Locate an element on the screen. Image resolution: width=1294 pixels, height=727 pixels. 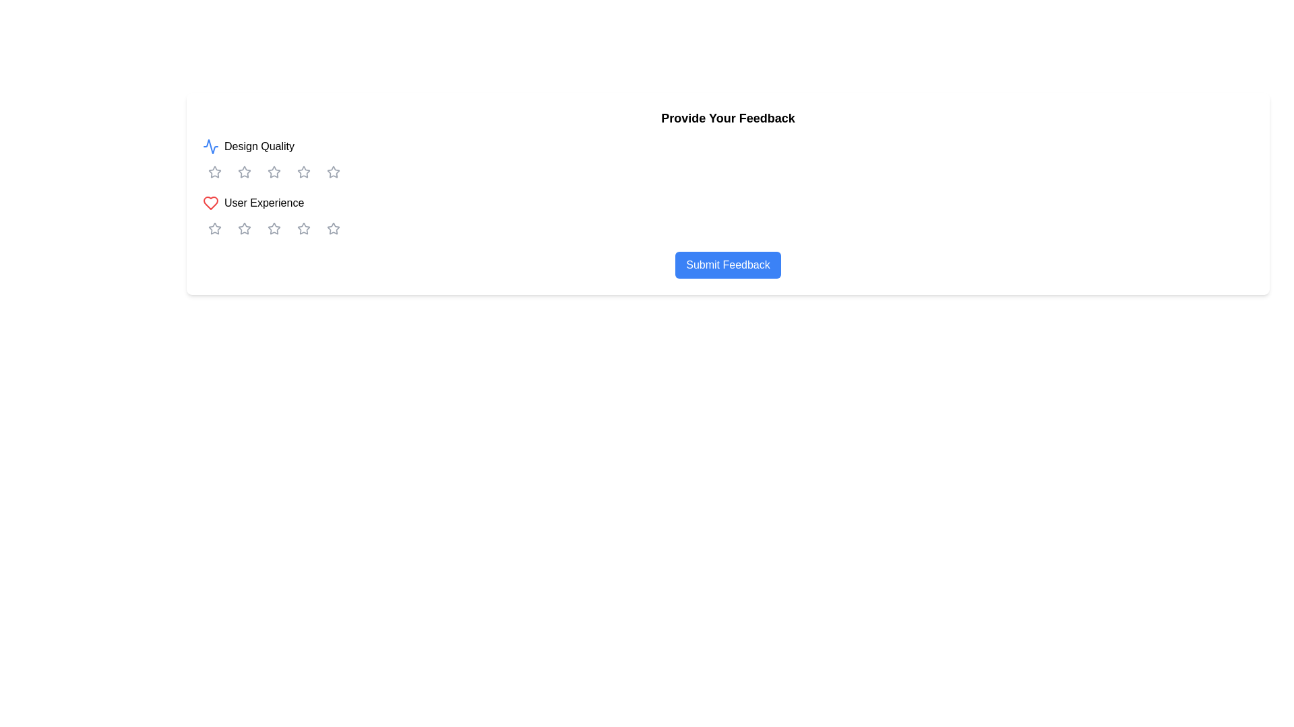
the fourth star in the horizontal rating row under the 'User Experience' section to rate it is located at coordinates (303, 228).